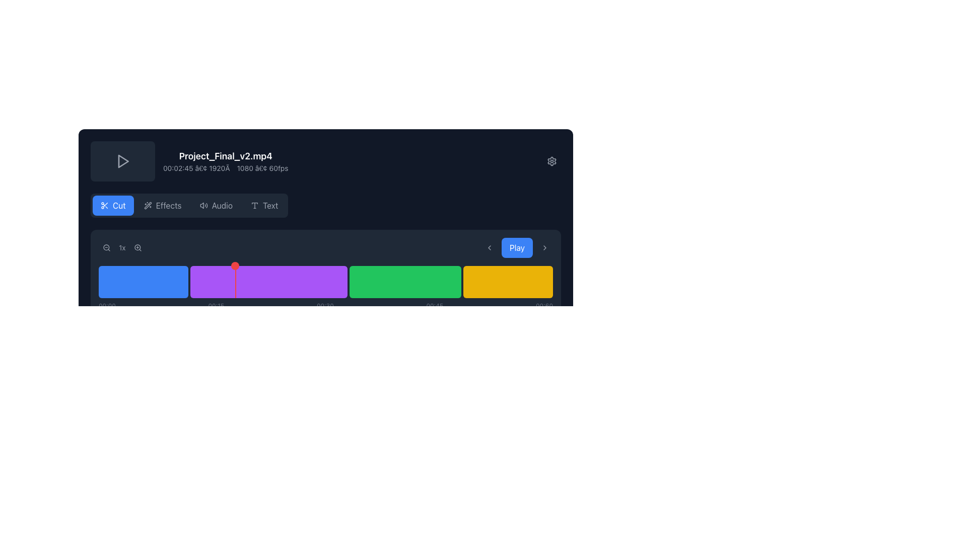 The width and height of the screenshot is (967, 543). What do you see at coordinates (147, 205) in the screenshot?
I see `the visual design of the Icon located to the left of the 'Effects' text, which enhances the 'Effects' button for graphical enhancements` at bounding box center [147, 205].